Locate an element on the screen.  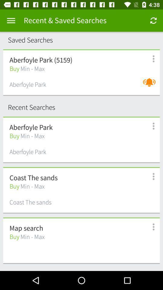
see search options is located at coordinates (150, 176).